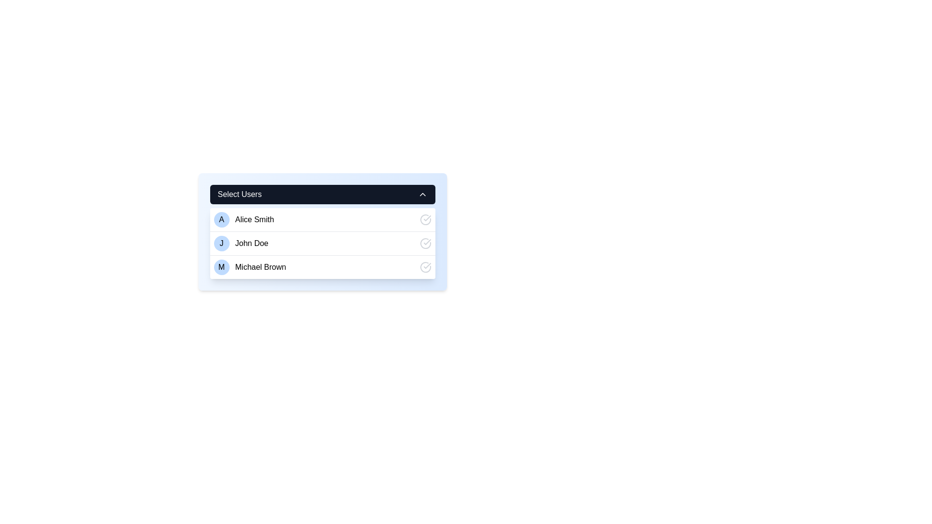 Image resolution: width=932 pixels, height=524 pixels. Describe the element at coordinates (322, 238) in the screenshot. I see `the list item containing user information for 'John Doe'` at that location.